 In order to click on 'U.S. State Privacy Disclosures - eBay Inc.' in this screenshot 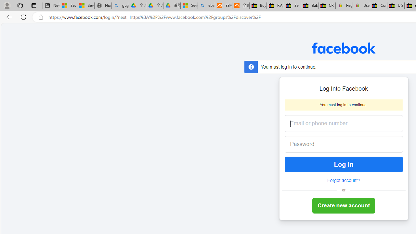, I will do `click(395, 6)`.